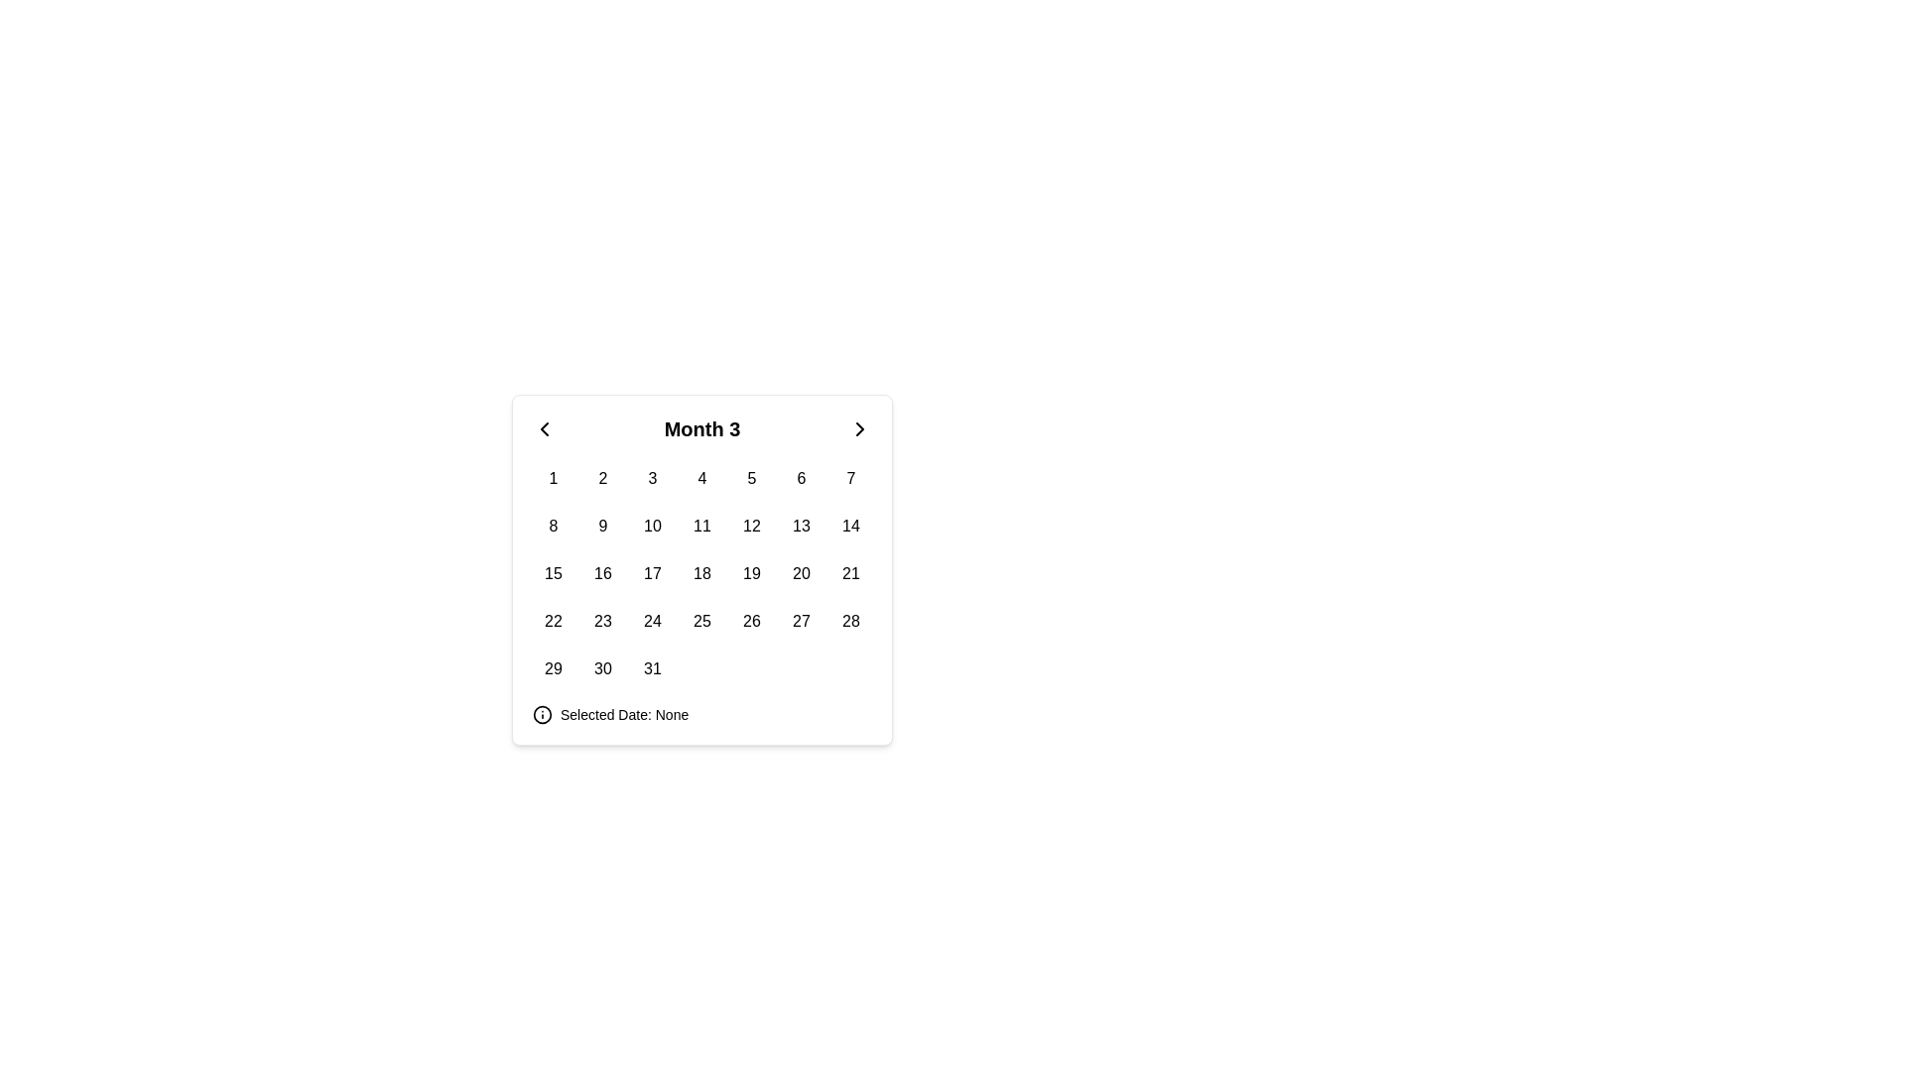 This screenshot has height=1071, width=1905. Describe the element at coordinates (543, 715) in the screenshot. I see `the informational icon located near the bottom-left corner of the date selection interface, adjacent to the text 'Selected Date: None'` at that location.